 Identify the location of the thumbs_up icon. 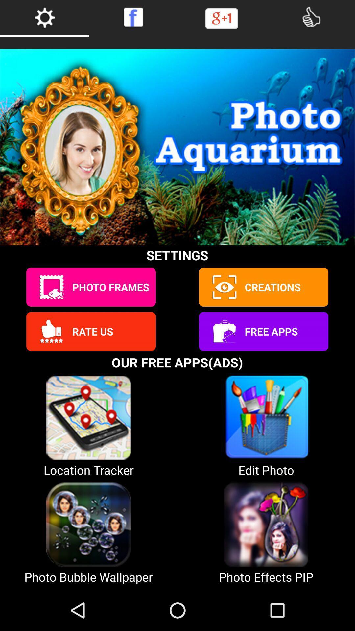
(51, 354).